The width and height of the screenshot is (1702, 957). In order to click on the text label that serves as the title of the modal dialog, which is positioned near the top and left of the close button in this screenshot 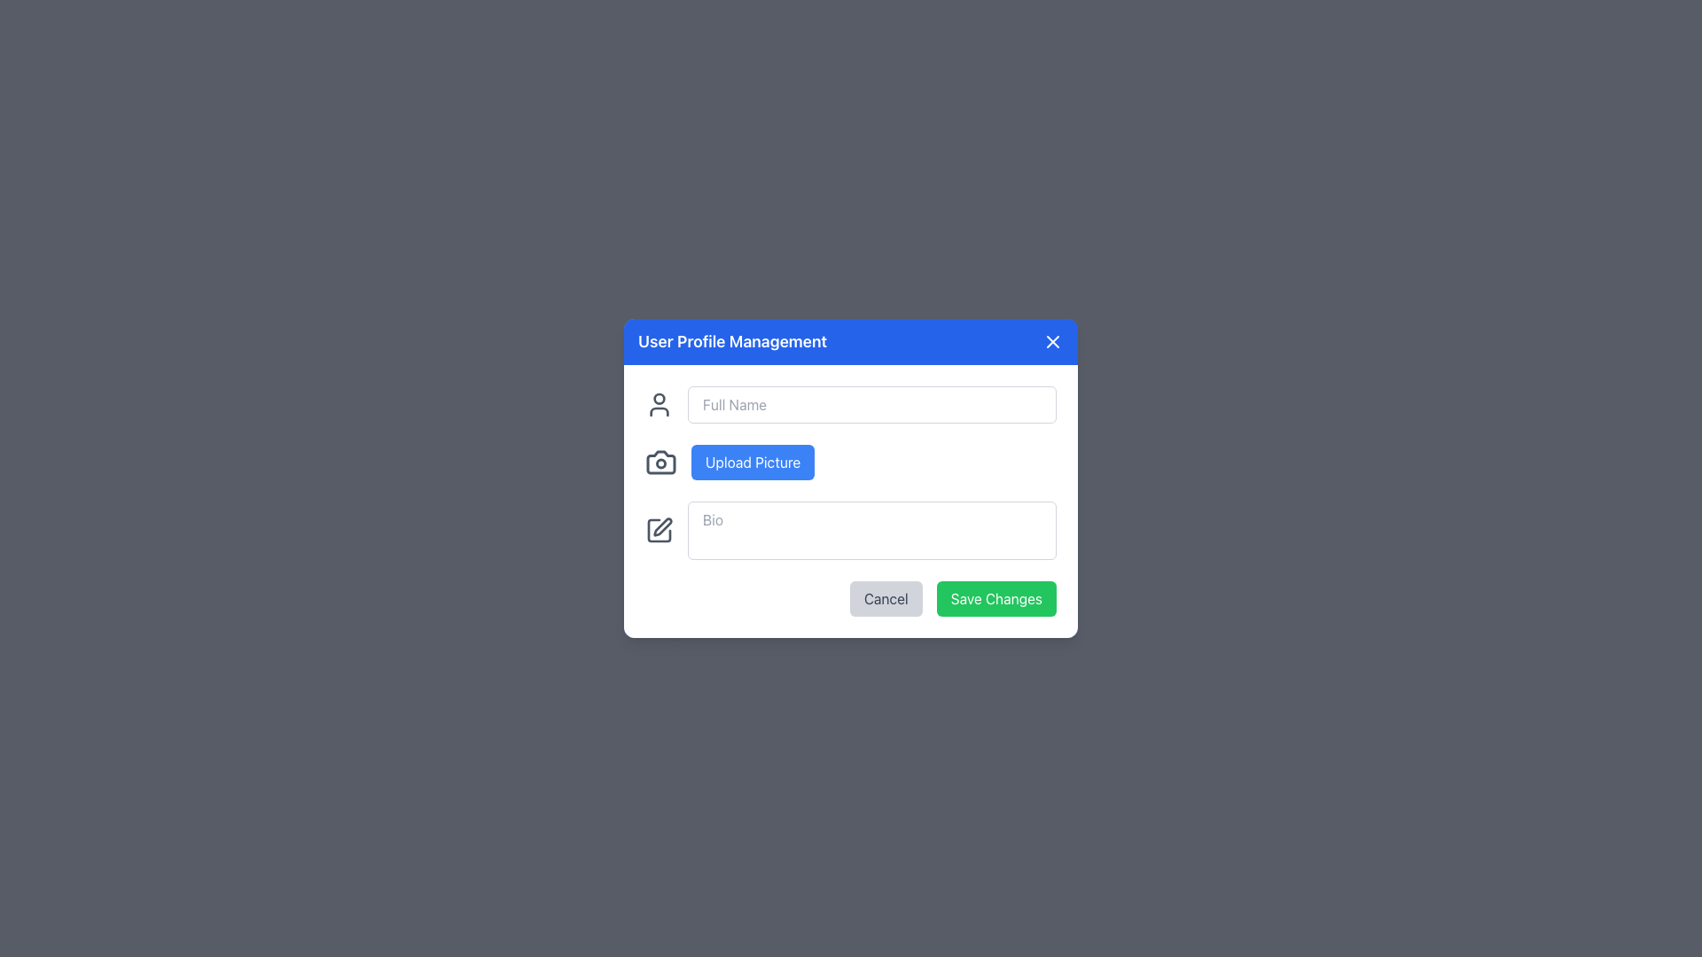, I will do `click(732, 341)`.